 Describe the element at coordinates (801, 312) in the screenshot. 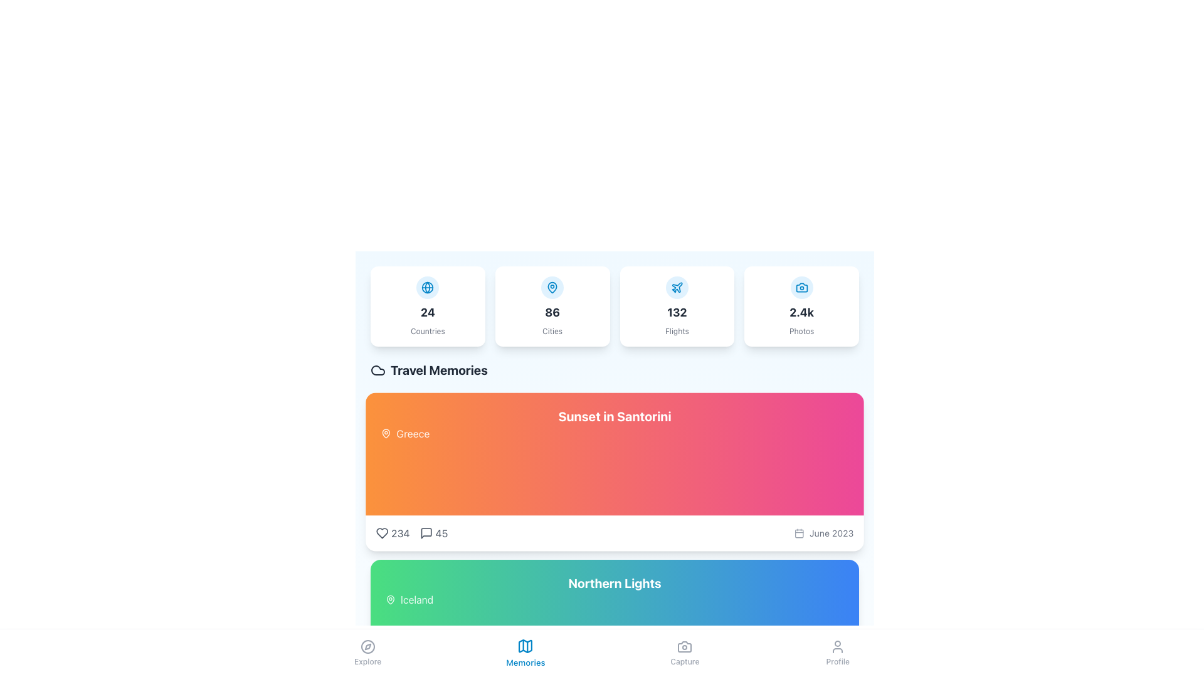

I see `number displayed in the bold text label '2.4k' located near the bottom center of the card component that represents a statistic for 'Photos'` at that location.